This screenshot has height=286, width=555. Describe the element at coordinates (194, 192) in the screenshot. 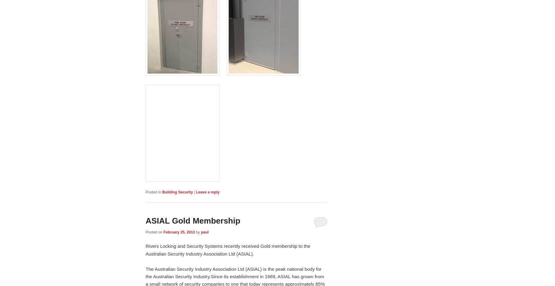

I see `'|'` at that location.